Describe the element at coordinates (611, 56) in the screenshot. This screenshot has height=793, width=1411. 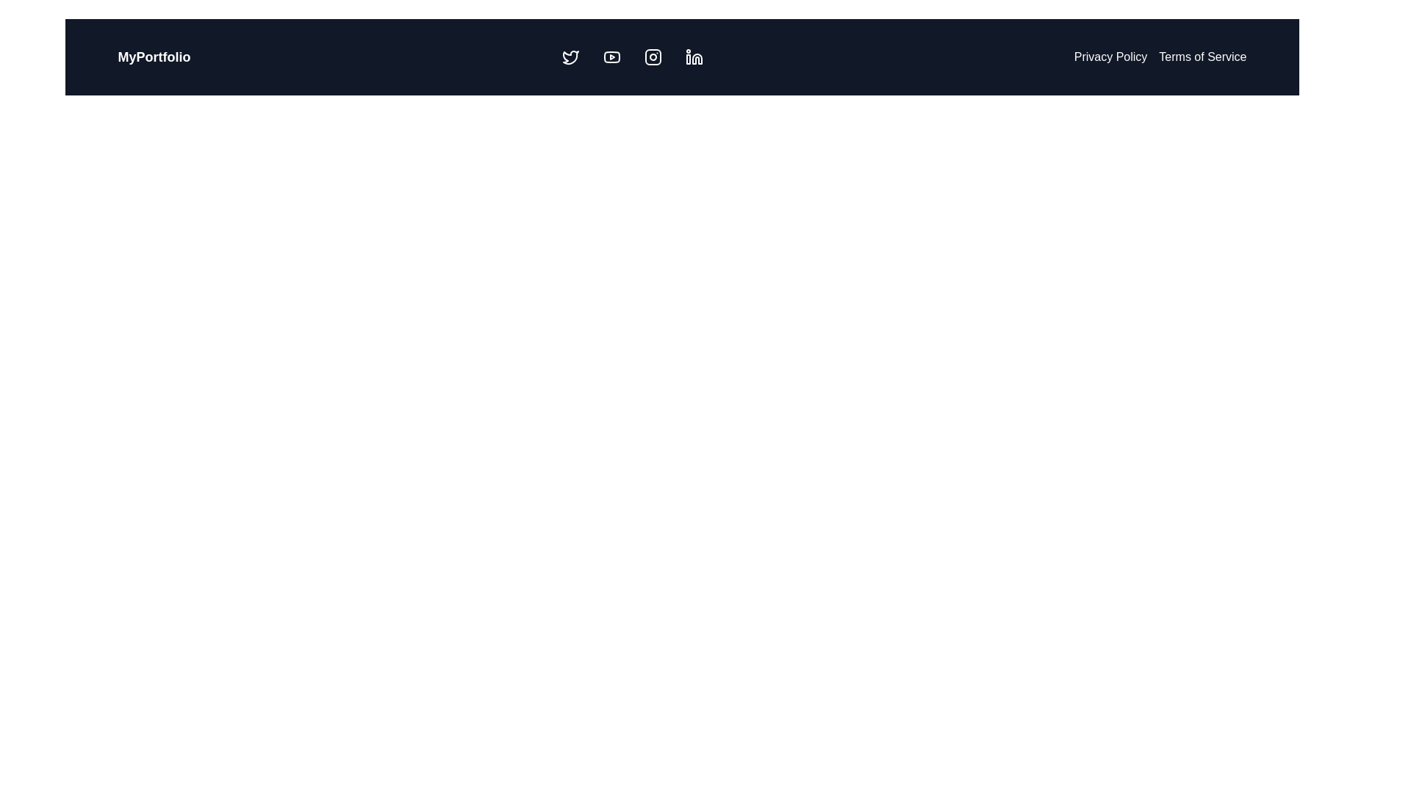
I see `the second social media icon in the top navigation bar, which serves as a link to a YouTube page` at that location.